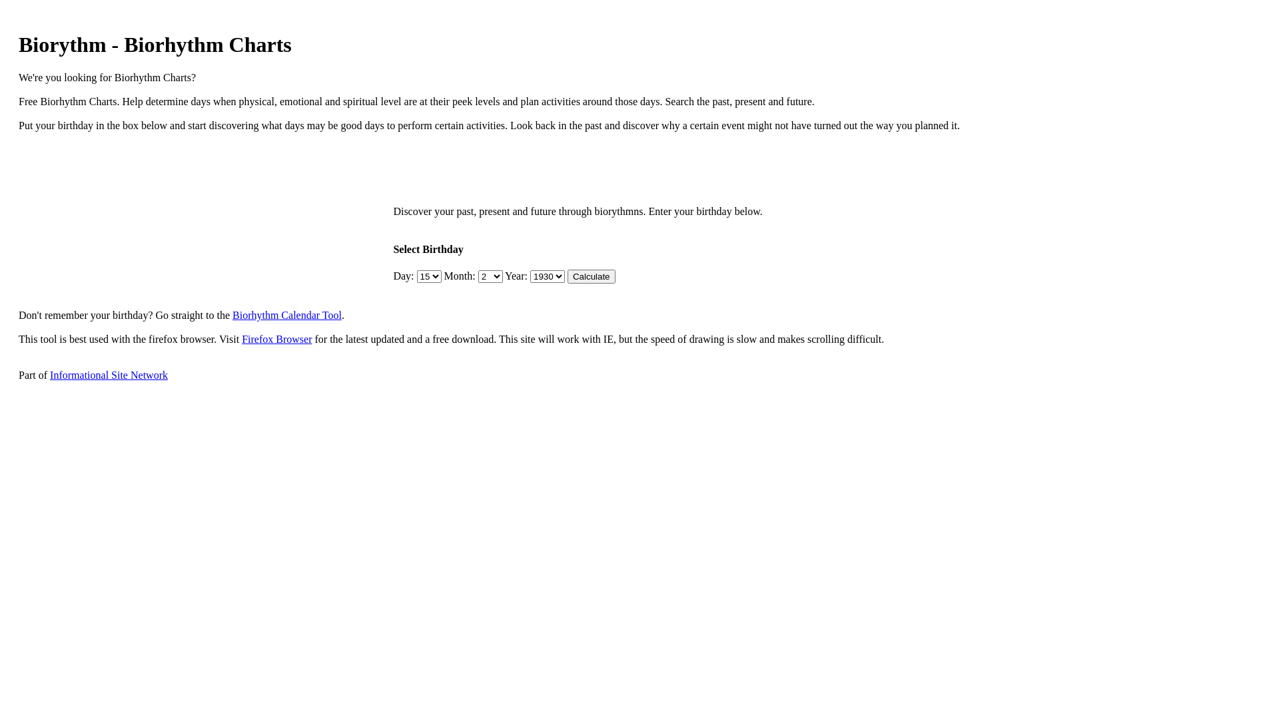  Describe the element at coordinates (286, 315) in the screenshot. I see `'Biorhythm Calendar Tool'` at that location.